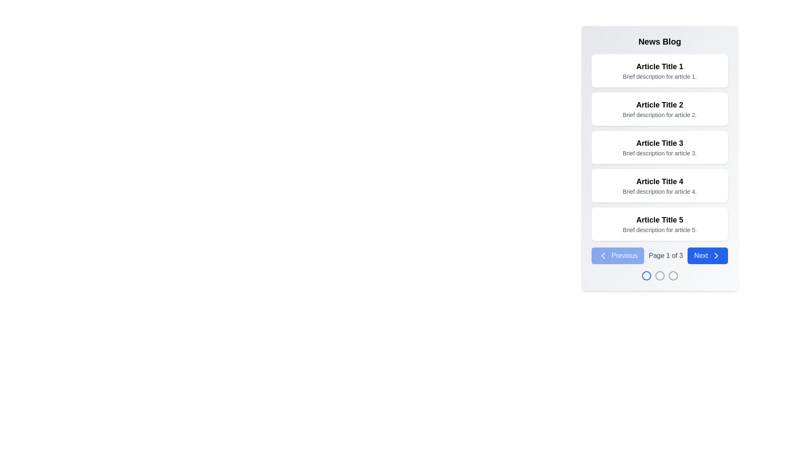  I want to click on the left-pointing chevron icon located within a circular area, positioned next to the 'Previous' button text in the navigation bar, so click(603, 255).